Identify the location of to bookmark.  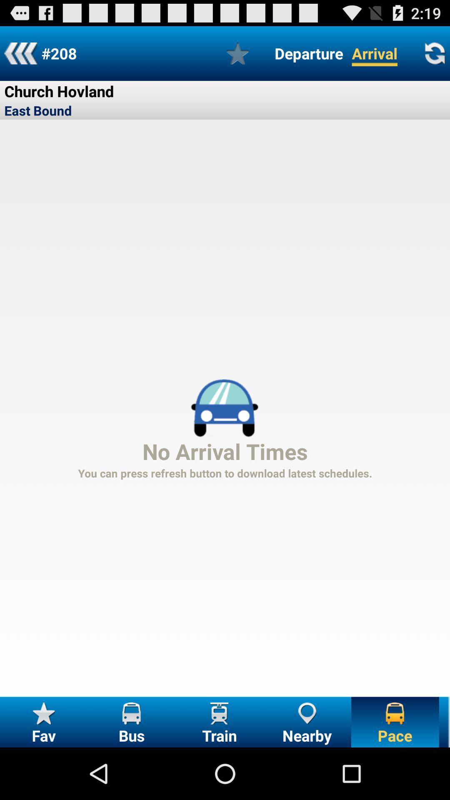
(237, 53).